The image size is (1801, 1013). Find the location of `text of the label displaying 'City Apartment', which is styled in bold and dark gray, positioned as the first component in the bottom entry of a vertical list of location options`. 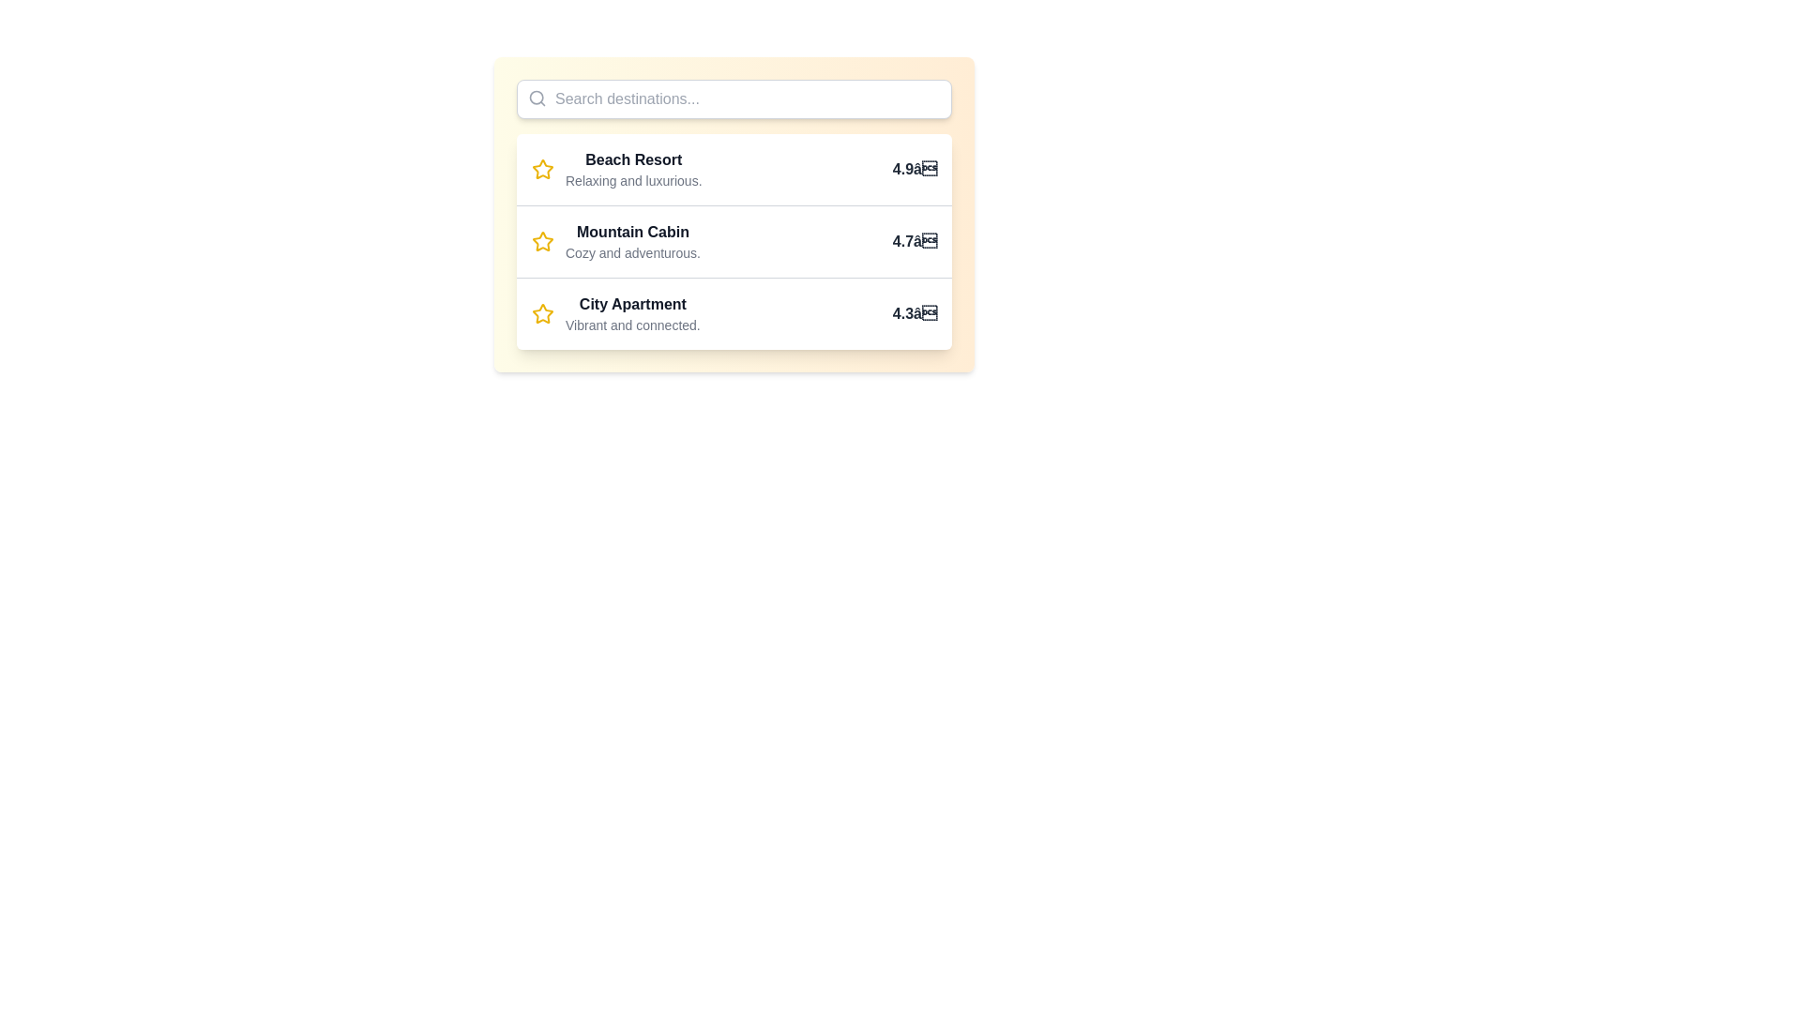

text of the label displaying 'City Apartment', which is styled in bold and dark gray, positioned as the first component in the bottom entry of a vertical list of location options is located at coordinates (632, 303).